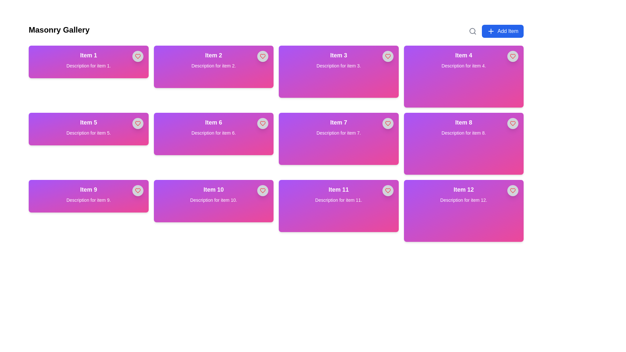  Describe the element at coordinates (502, 31) in the screenshot. I see `the button that adds a new item to the gallery, located in the upper-right corner of the interface, next to a search icon` at that location.